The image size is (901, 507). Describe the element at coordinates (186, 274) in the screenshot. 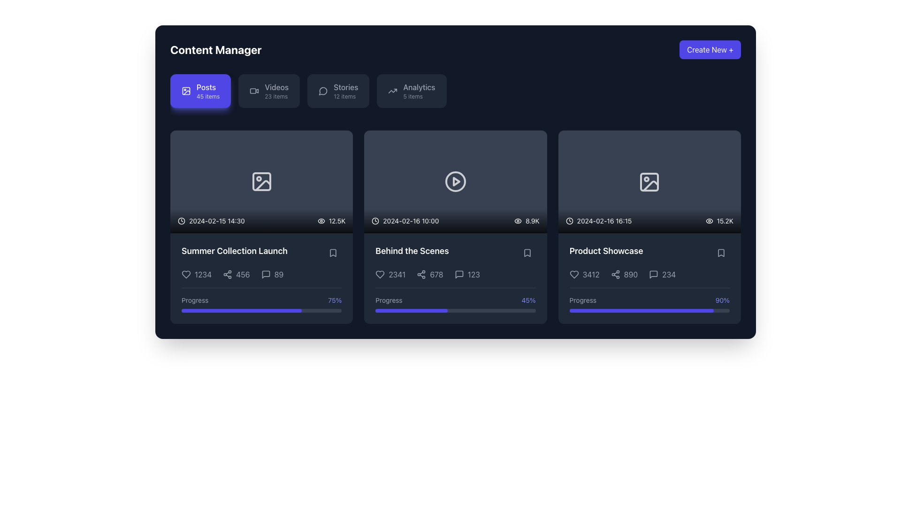

I see `the heart-shaped icon located in the lower part of the 'Summer Collection Launch' content card` at that location.